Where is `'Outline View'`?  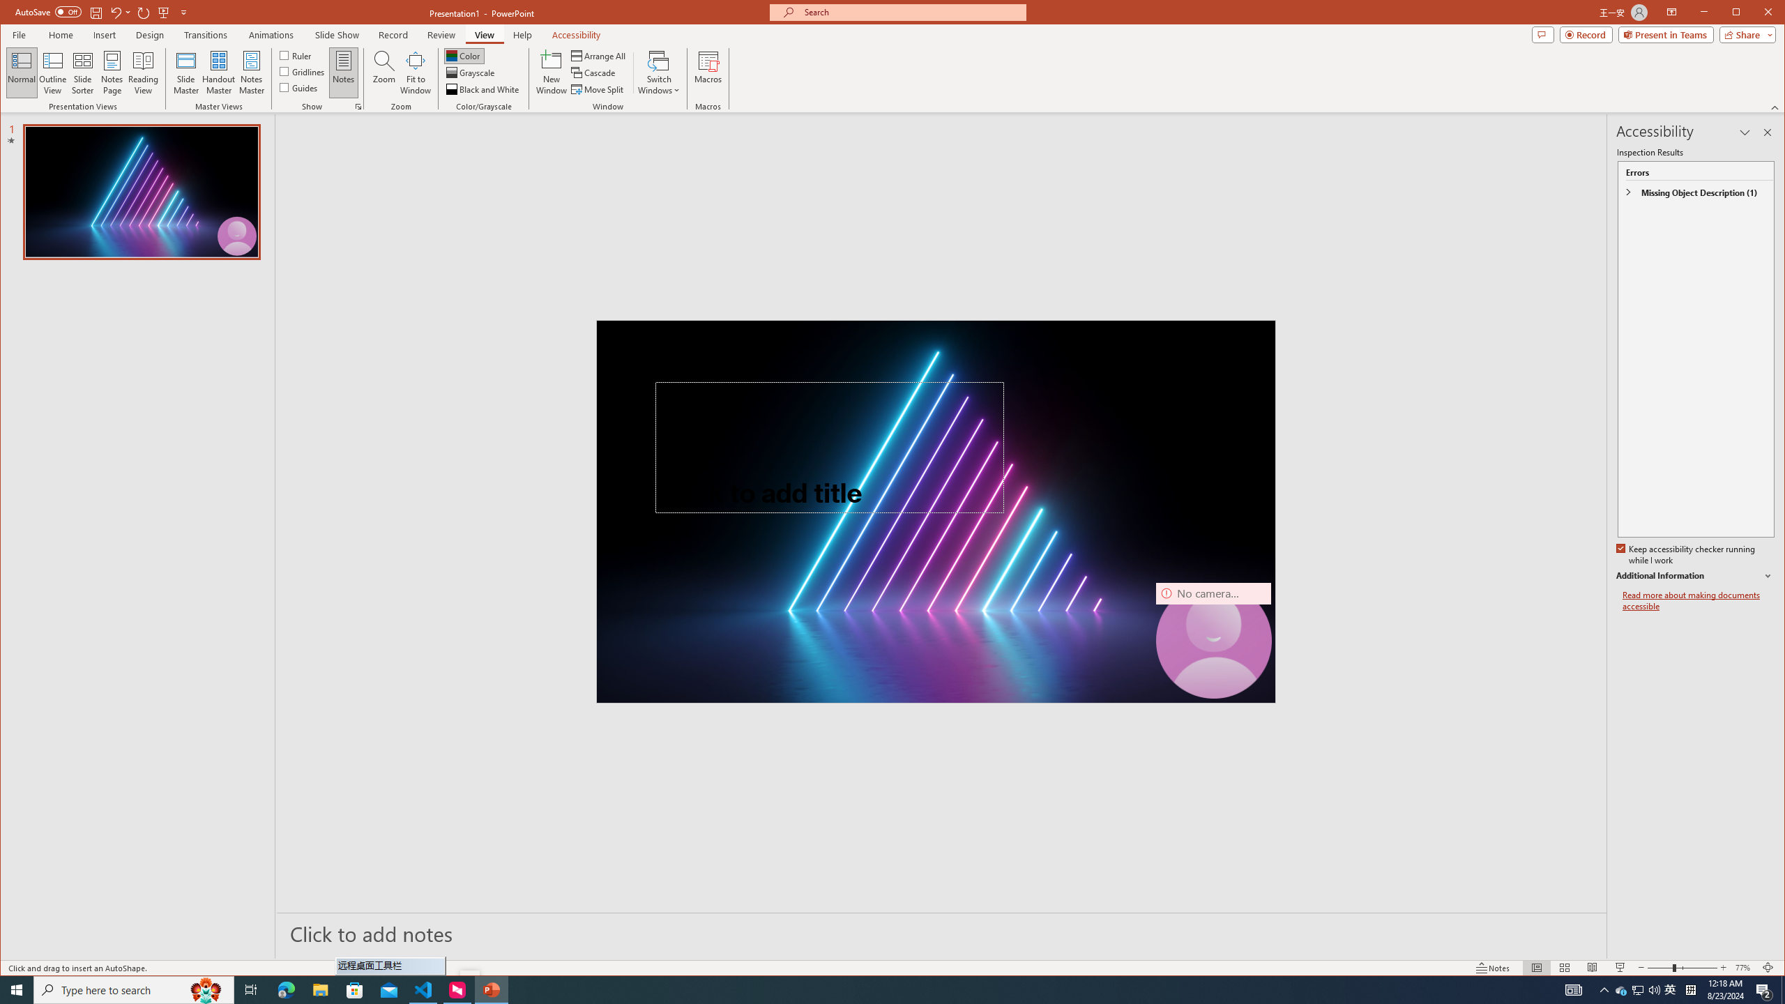 'Outline View' is located at coordinates (52, 72).